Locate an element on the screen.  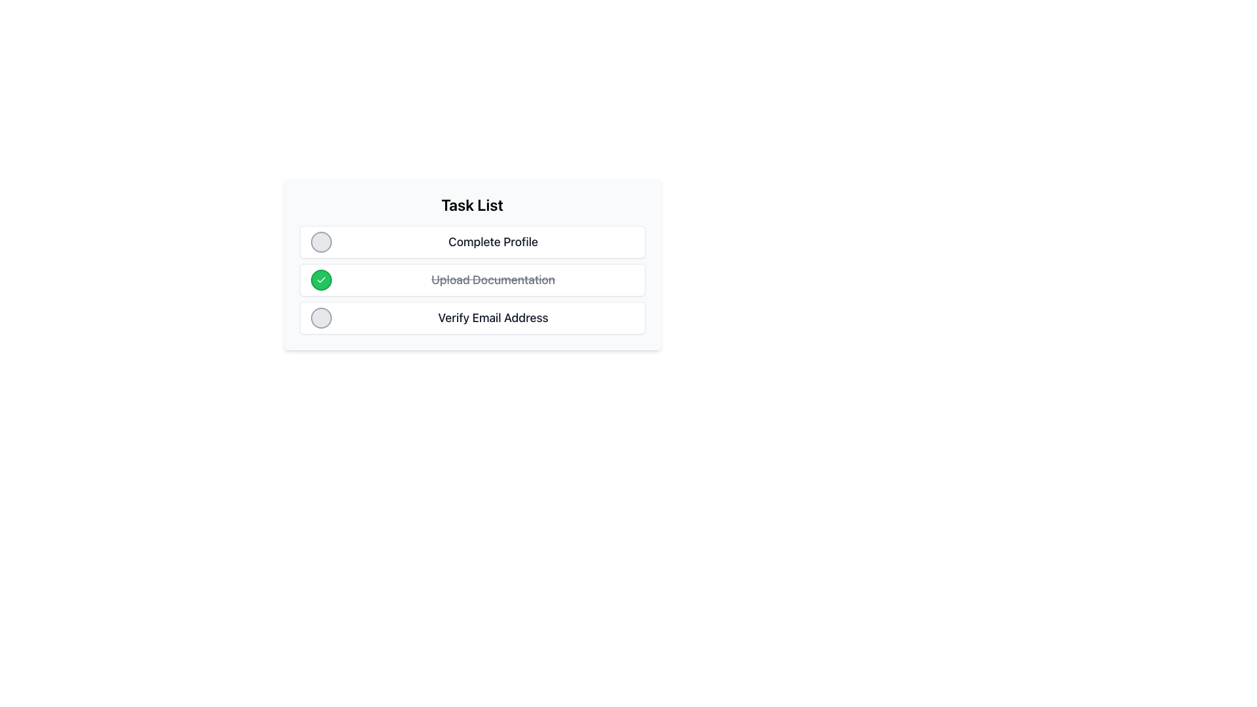
the text label that represents a completed task, which is located beside a checked circle icon in a vertical task list is located at coordinates (492, 280).